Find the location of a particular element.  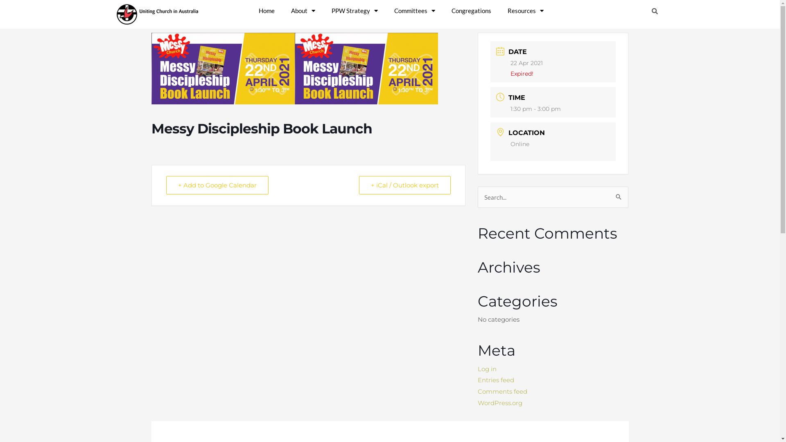

'+ iCal / Outlook export' is located at coordinates (404, 185).